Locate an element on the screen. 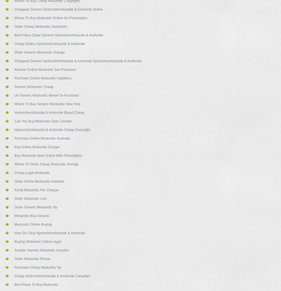 This screenshot has height=291, width=281. 'Cheap Hydrochlorothiazide & Amiloride  Canadian' is located at coordinates (52, 276).